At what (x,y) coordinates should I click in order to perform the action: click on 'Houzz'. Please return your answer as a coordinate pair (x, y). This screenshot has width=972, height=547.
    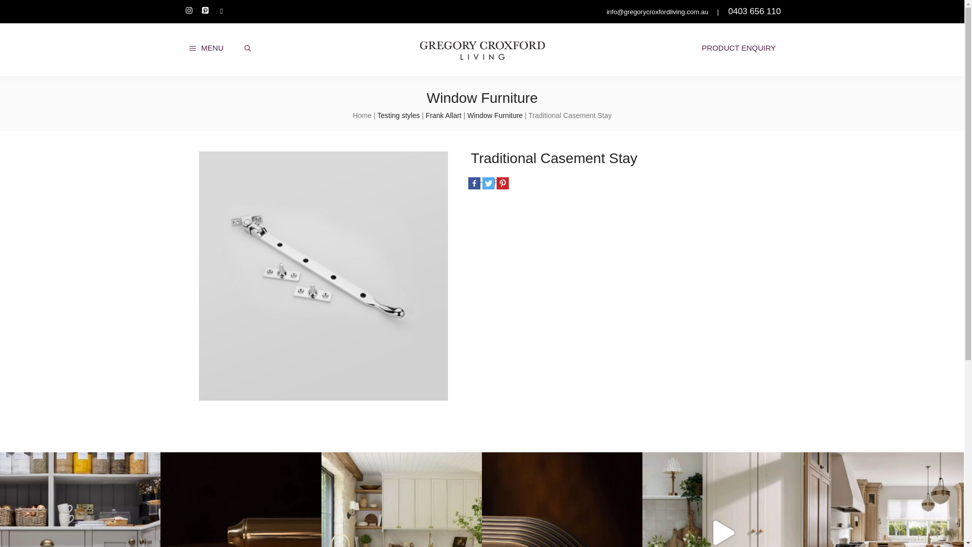
    Looking at the image, I should click on (220, 11).